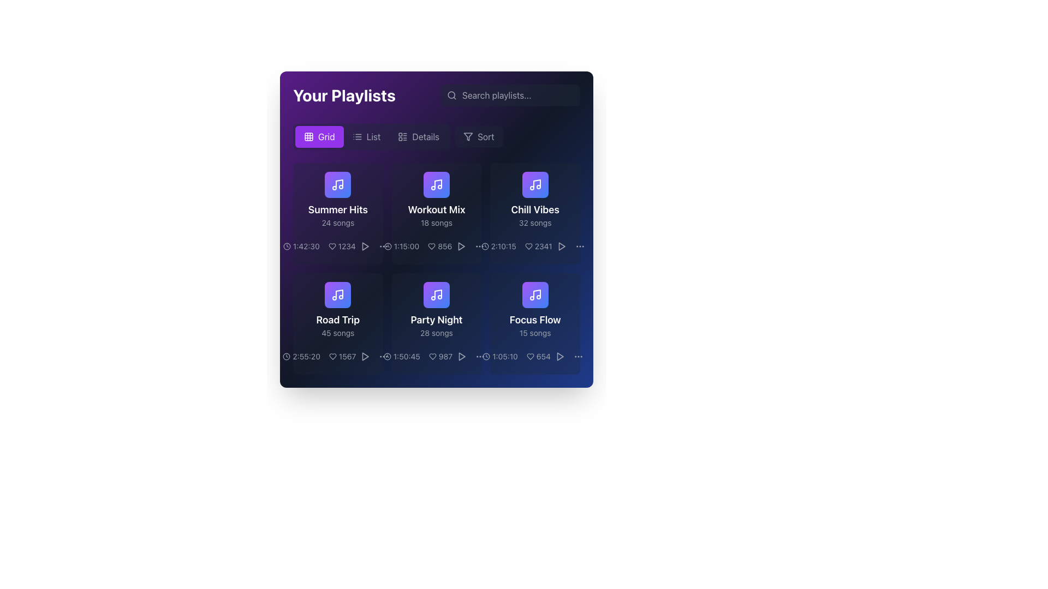 Image resolution: width=1048 pixels, height=589 pixels. Describe the element at coordinates (437, 319) in the screenshot. I see `the 'Party Night' text label, which is bold, large, and white, located in the 'Your Playlists' section, specifically above the '28 songs' text` at that location.